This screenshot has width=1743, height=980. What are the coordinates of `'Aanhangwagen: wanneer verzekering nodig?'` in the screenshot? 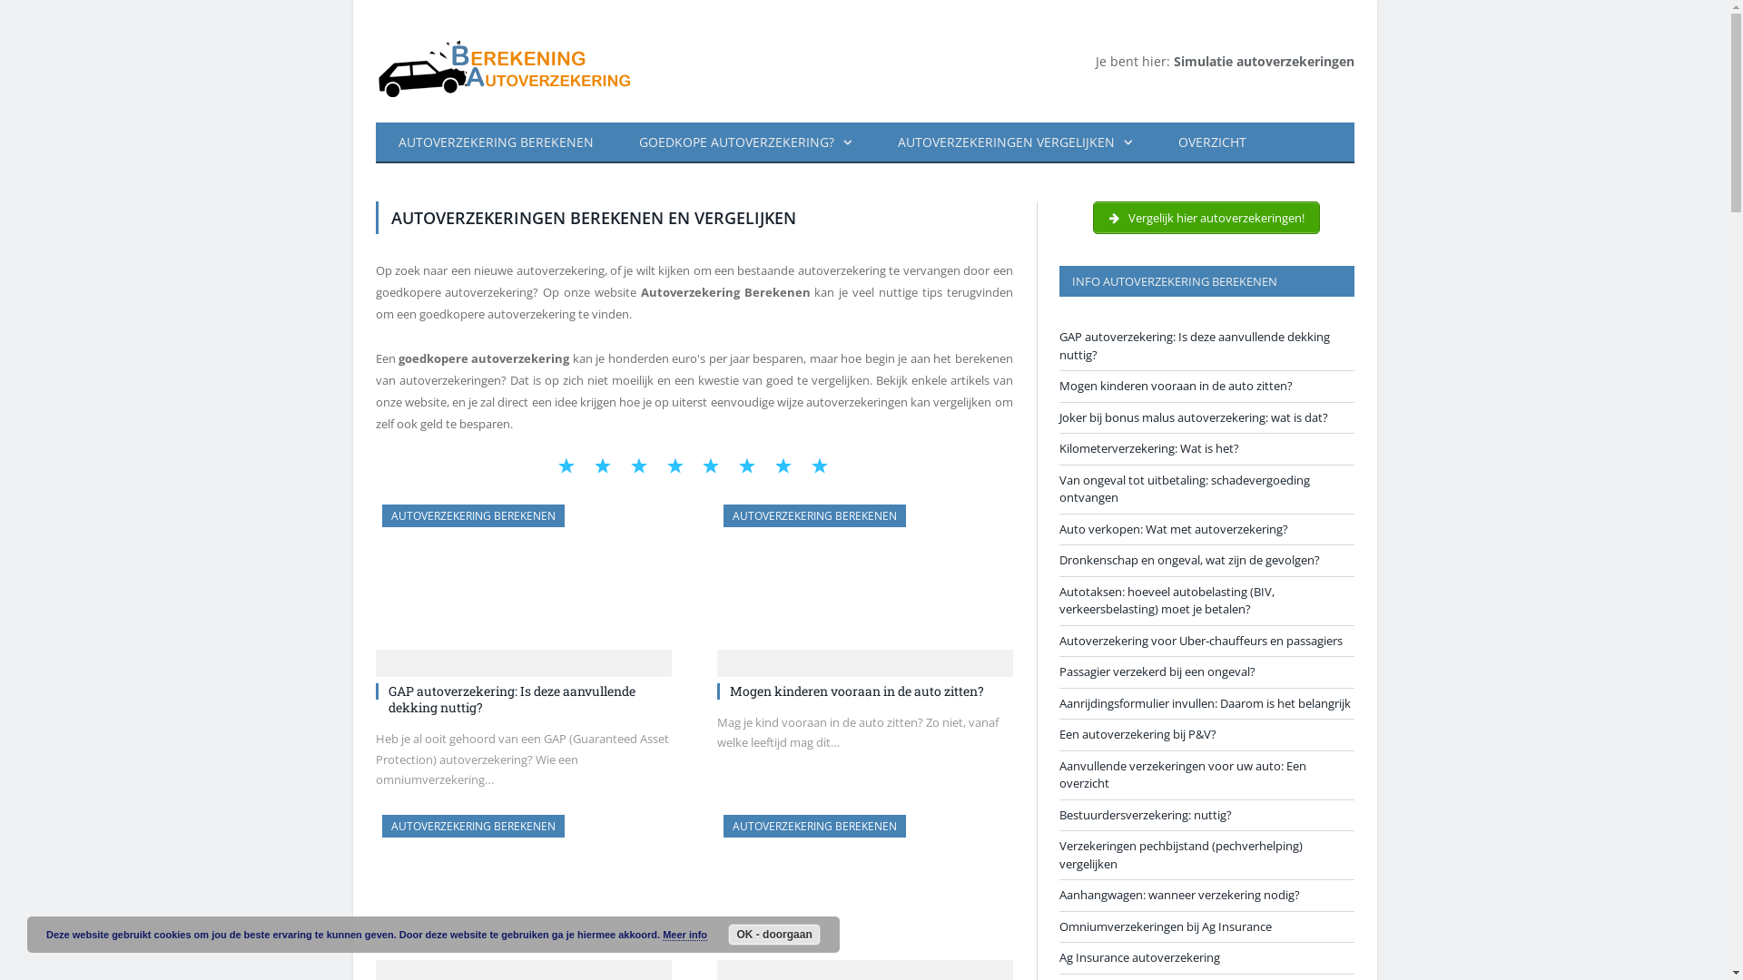 It's located at (1178, 894).